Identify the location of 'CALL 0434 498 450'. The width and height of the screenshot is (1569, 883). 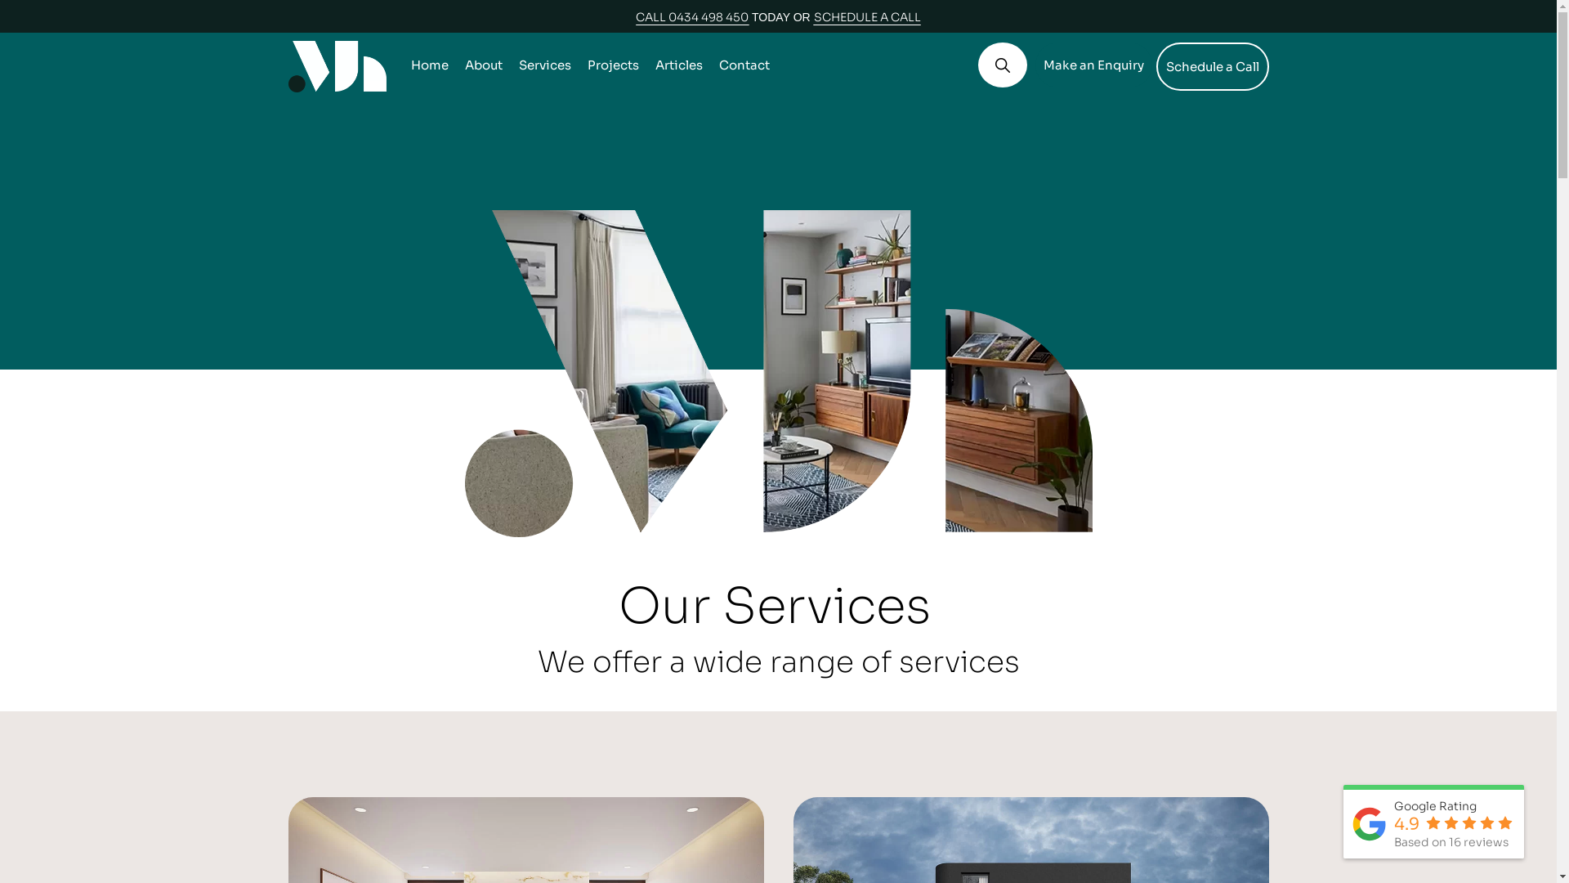
(691, 16).